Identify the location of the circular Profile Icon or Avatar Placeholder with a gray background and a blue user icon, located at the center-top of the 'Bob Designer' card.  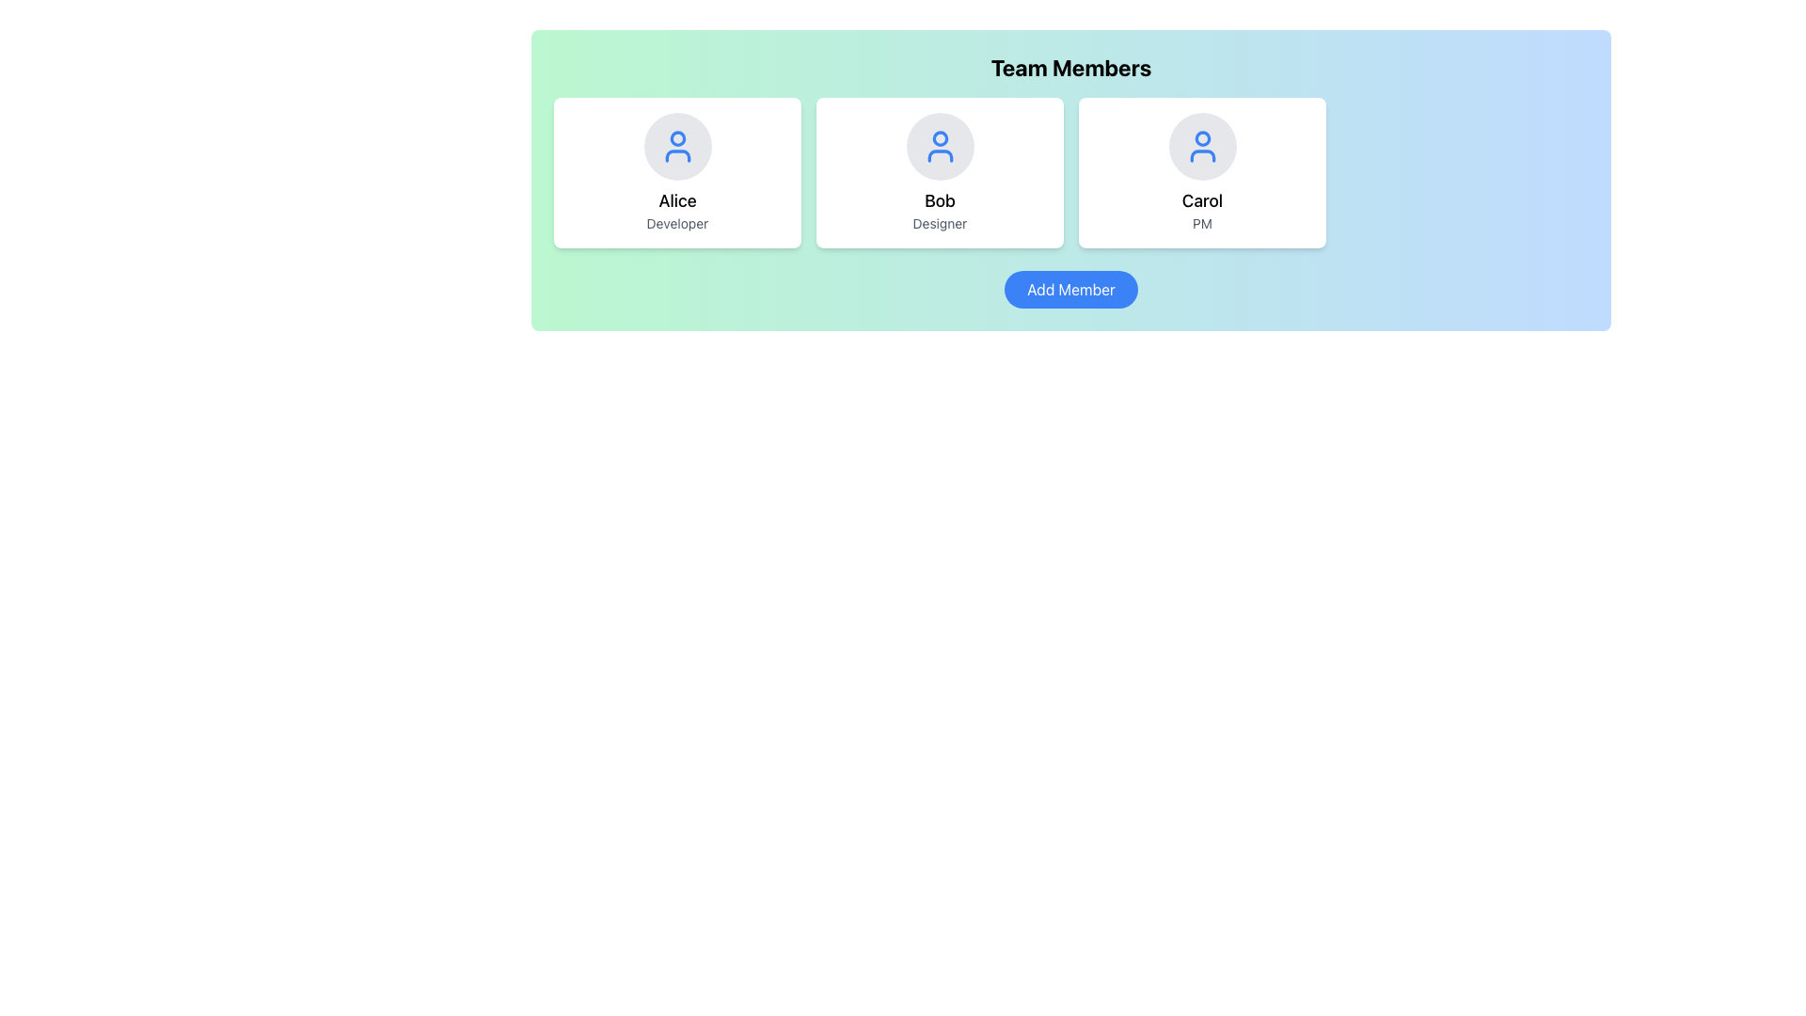
(940, 145).